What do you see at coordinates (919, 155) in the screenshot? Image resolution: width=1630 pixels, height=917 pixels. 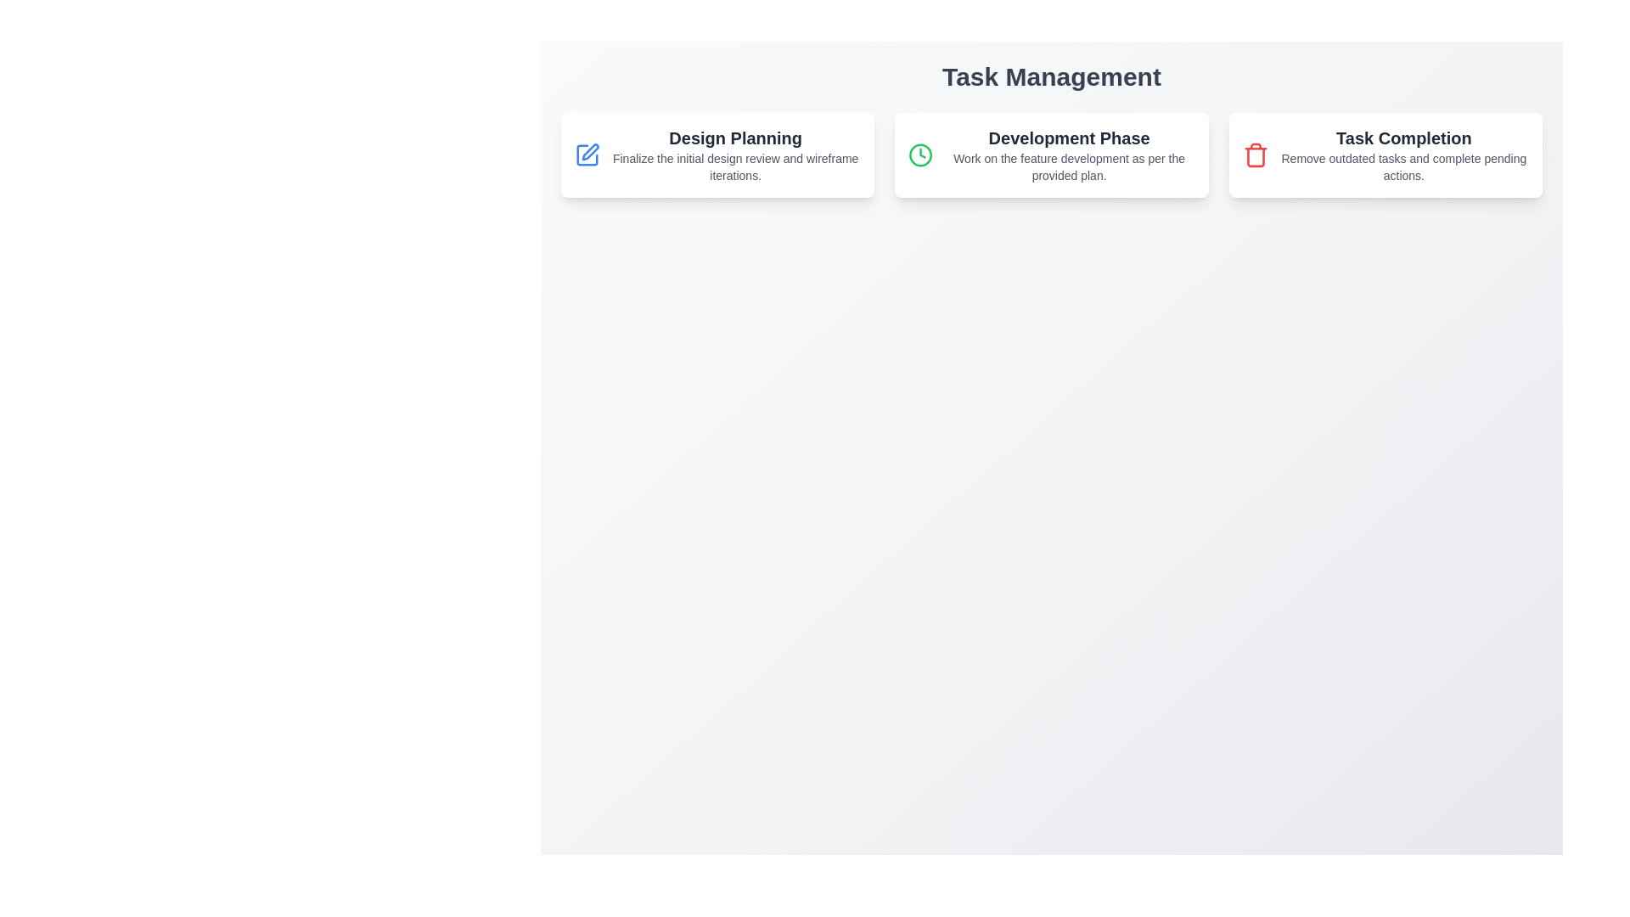 I see `the circular outline icon with a green outline located centrally within the second task description card under 'Task Management', which is part of a clock icon in the 'Development Phase' card` at bounding box center [919, 155].